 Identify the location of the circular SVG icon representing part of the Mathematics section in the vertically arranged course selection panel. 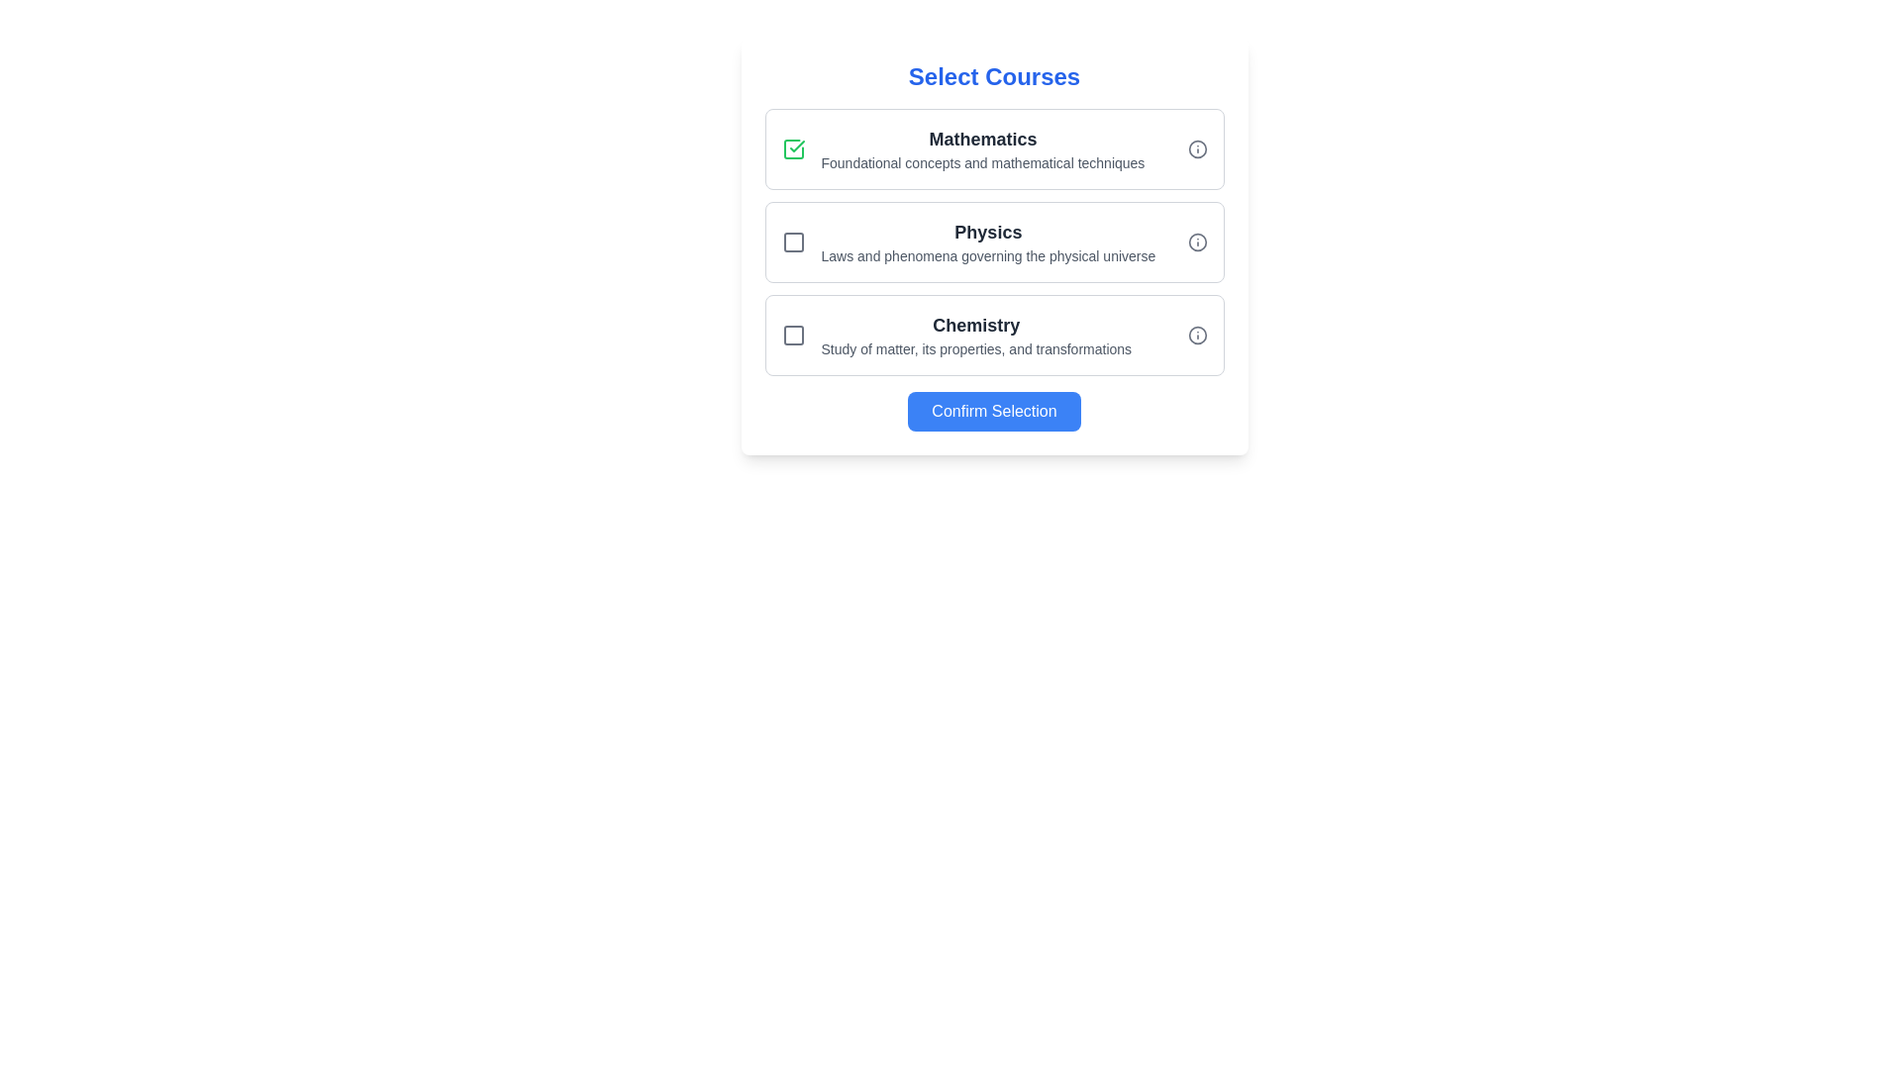
(1196, 147).